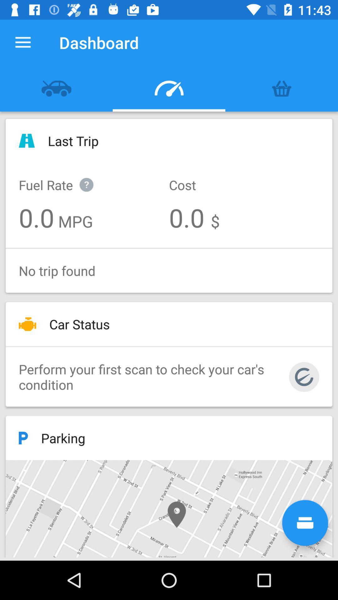 This screenshot has width=338, height=600. What do you see at coordinates (23, 42) in the screenshot?
I see `the item to the left of the dashboard icon` at bounding box center [23, 42].